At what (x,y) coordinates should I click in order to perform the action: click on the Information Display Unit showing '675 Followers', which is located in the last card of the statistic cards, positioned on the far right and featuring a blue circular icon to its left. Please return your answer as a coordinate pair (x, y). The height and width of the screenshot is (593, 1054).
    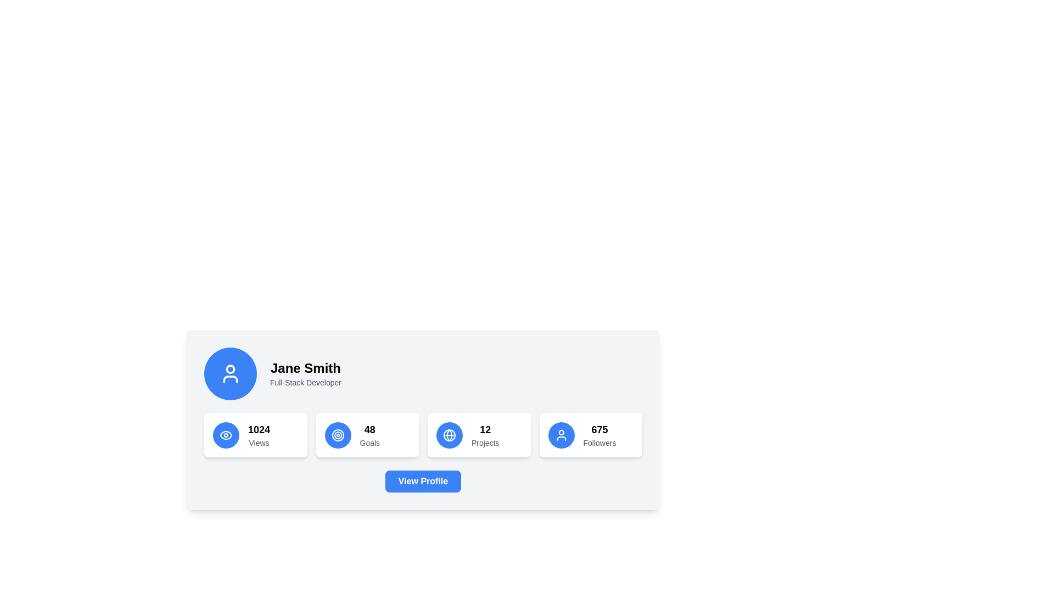
    Looking at the image, I should click on (599, 435).